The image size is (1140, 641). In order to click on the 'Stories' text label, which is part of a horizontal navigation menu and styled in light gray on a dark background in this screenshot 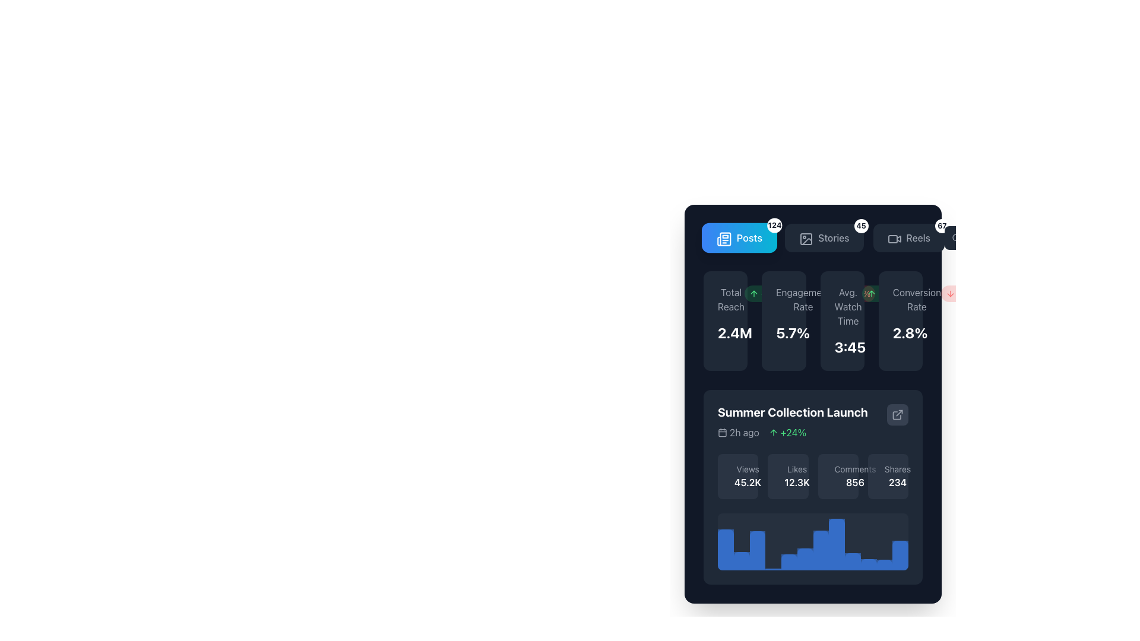, I will do `click(833, 238)`.